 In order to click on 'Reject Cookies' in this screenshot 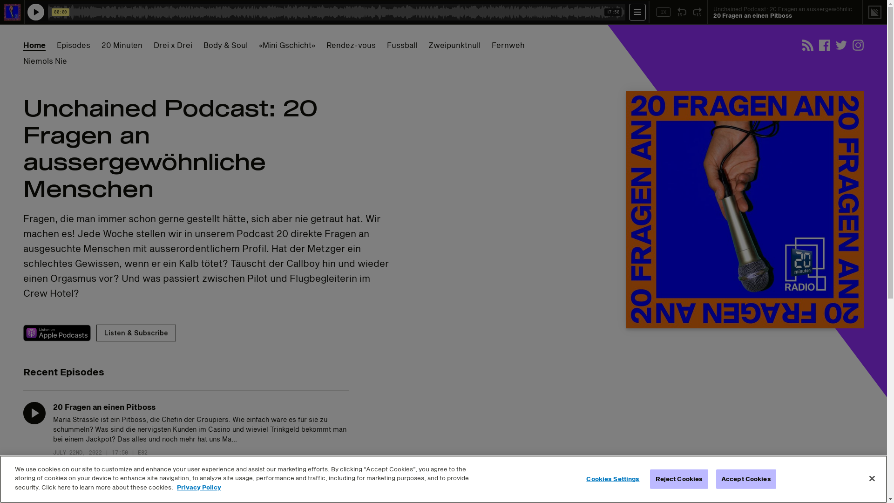, I will do `click(679, 479)`.